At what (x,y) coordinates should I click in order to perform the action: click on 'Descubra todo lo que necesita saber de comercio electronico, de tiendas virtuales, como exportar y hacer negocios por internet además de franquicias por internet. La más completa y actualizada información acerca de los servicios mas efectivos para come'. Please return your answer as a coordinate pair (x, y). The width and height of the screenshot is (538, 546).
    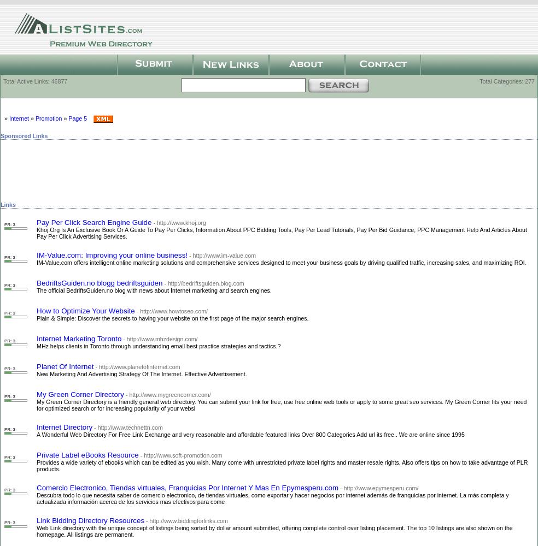
    Looking at the image, I should click on (272, 498).